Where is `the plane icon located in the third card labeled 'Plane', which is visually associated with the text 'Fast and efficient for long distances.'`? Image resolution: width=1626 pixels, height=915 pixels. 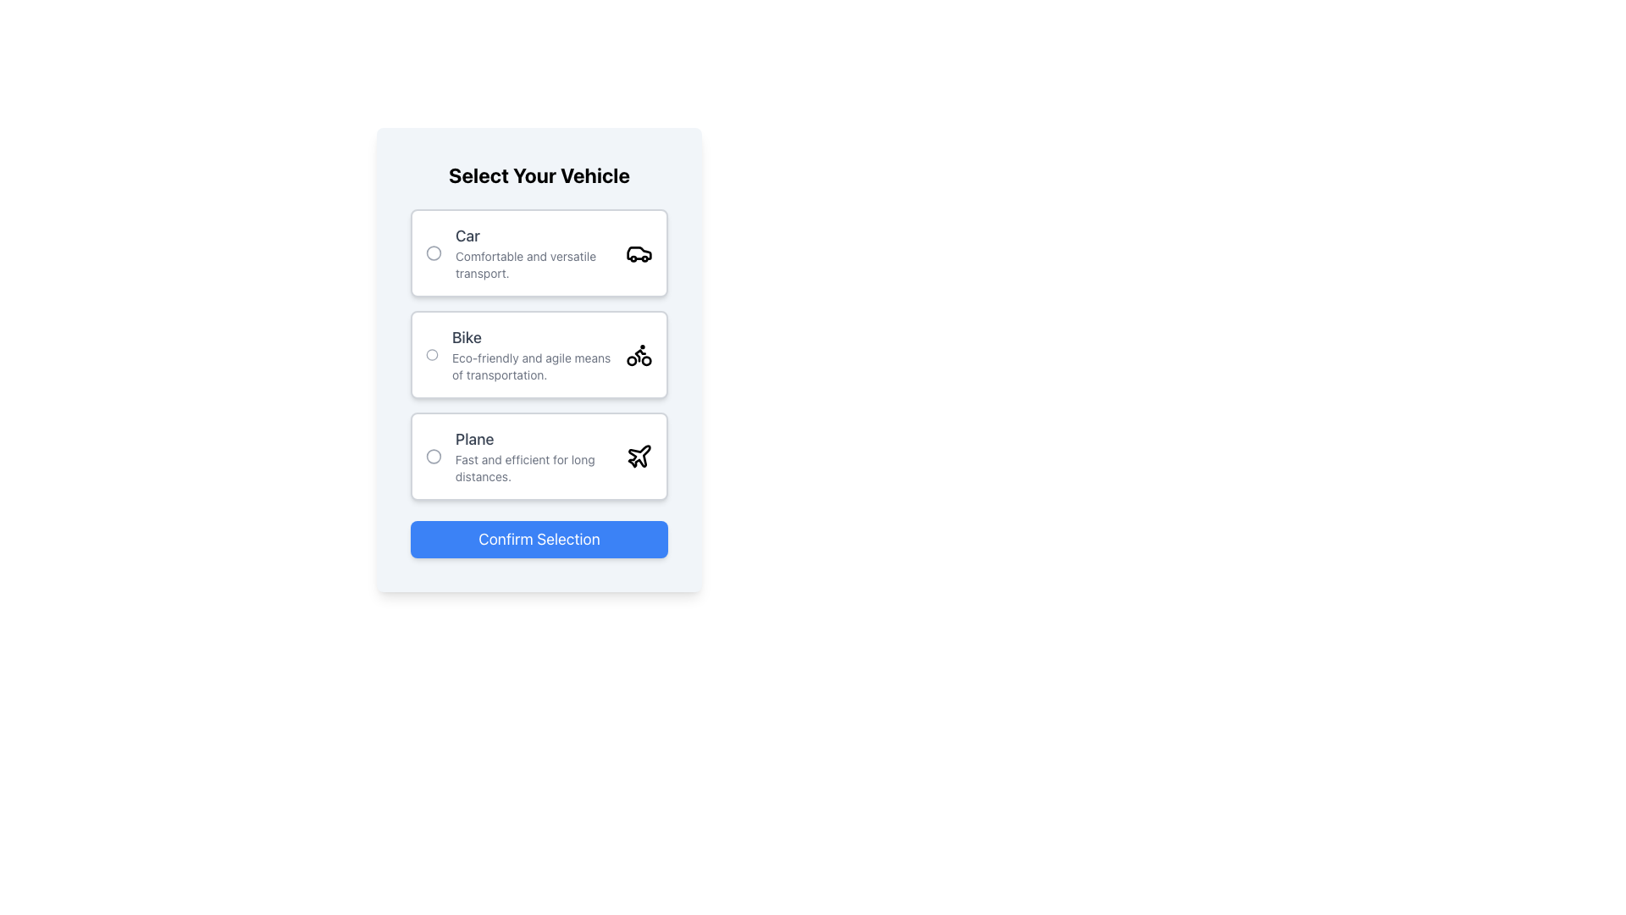 the plane icon located in the third card labeled 'Plane', which is visually associated with the text 'Fast and efficient for long distances.' is located at coordinates (638, 456).